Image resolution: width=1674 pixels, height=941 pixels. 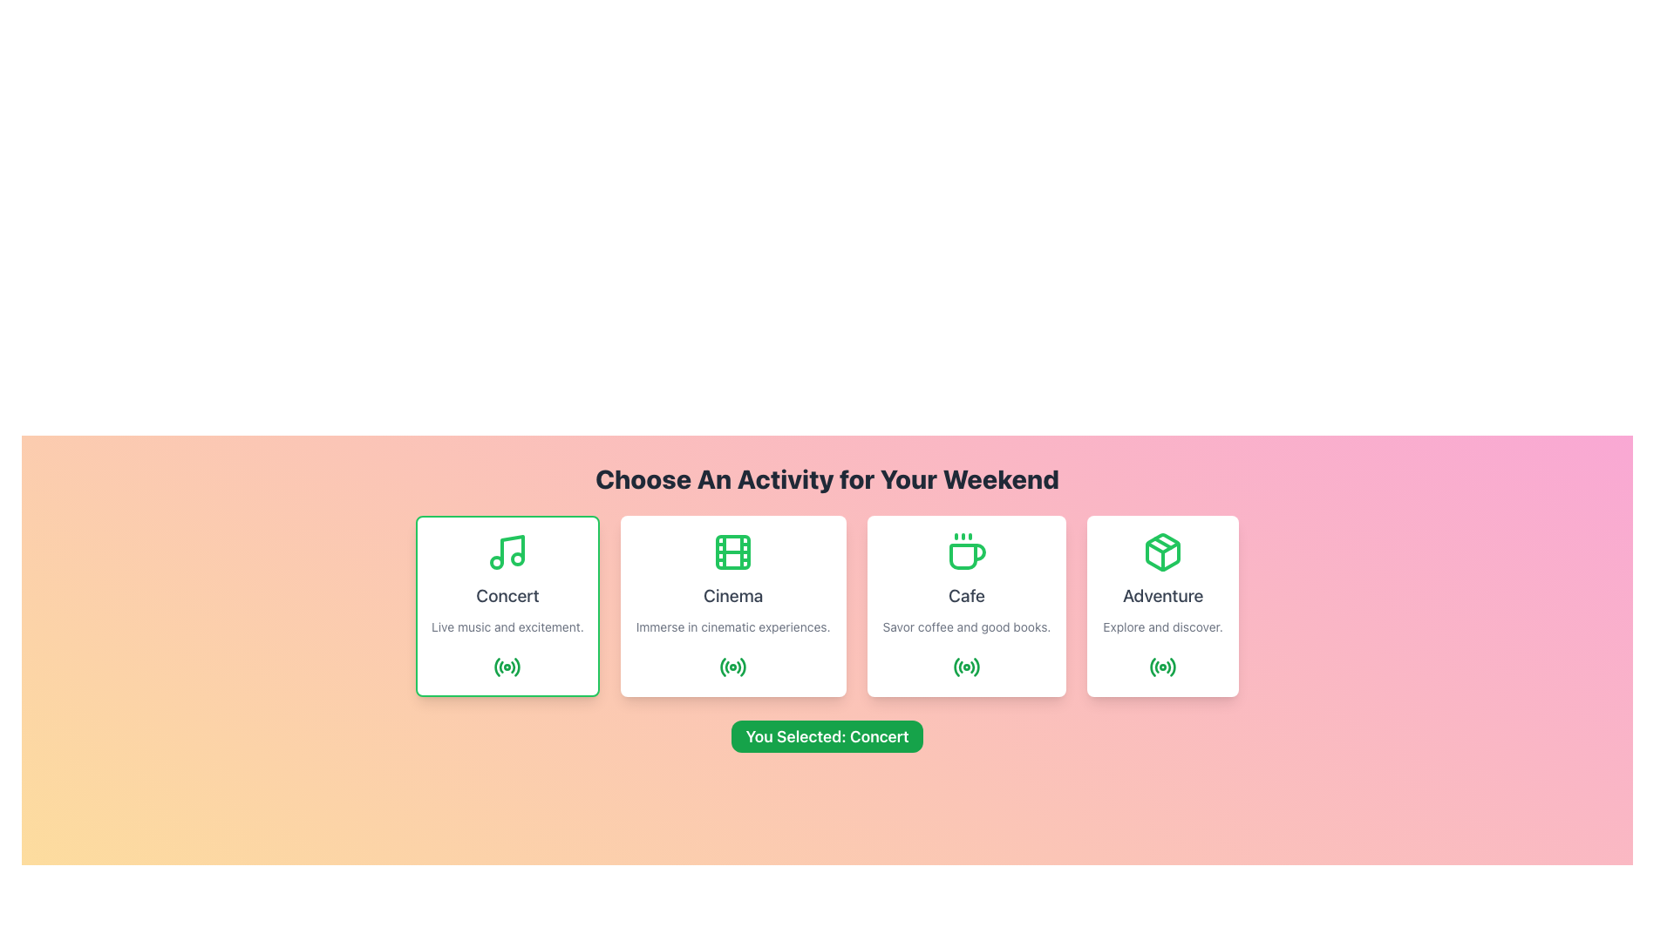 What do you see at coordinates (733, 627) in the screenshot?
I see `the text label displaying 'Immerse in cinematic experiences.' located on the 'Cinema' card, positioned below the title 'Cinema'` at bounding box center [733, 627].